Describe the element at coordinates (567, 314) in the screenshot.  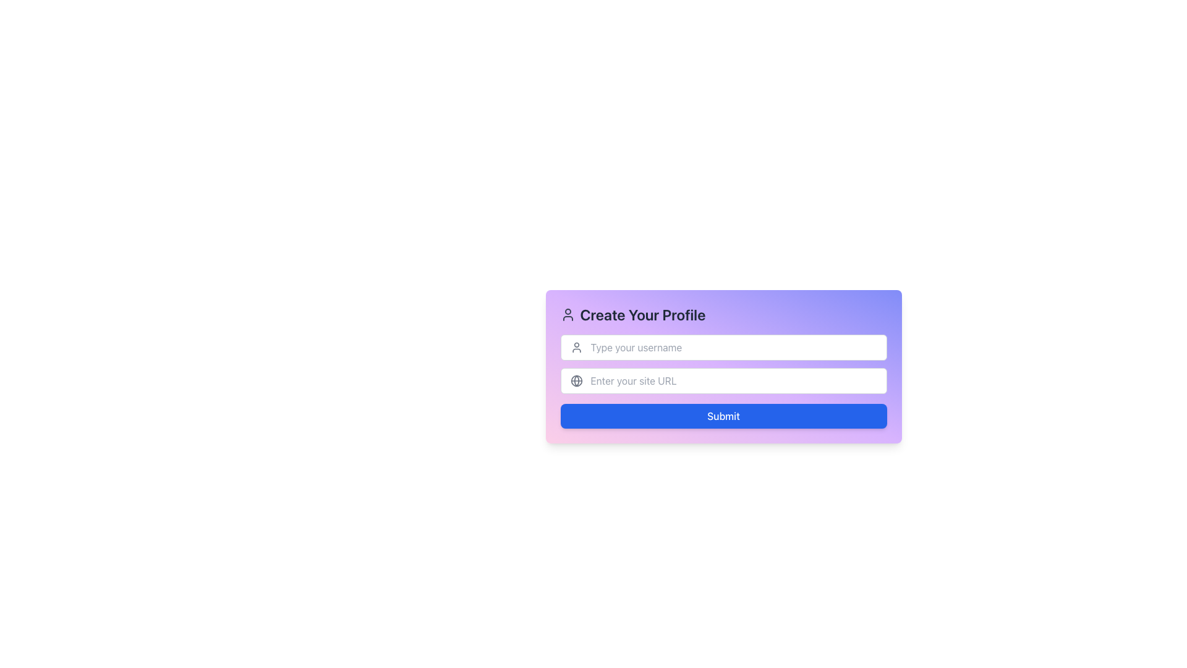
I see `the user icon located to the left of the 'Create Your Profile' text in the header area, which serves as a visual cue for user profile creation` at that location.